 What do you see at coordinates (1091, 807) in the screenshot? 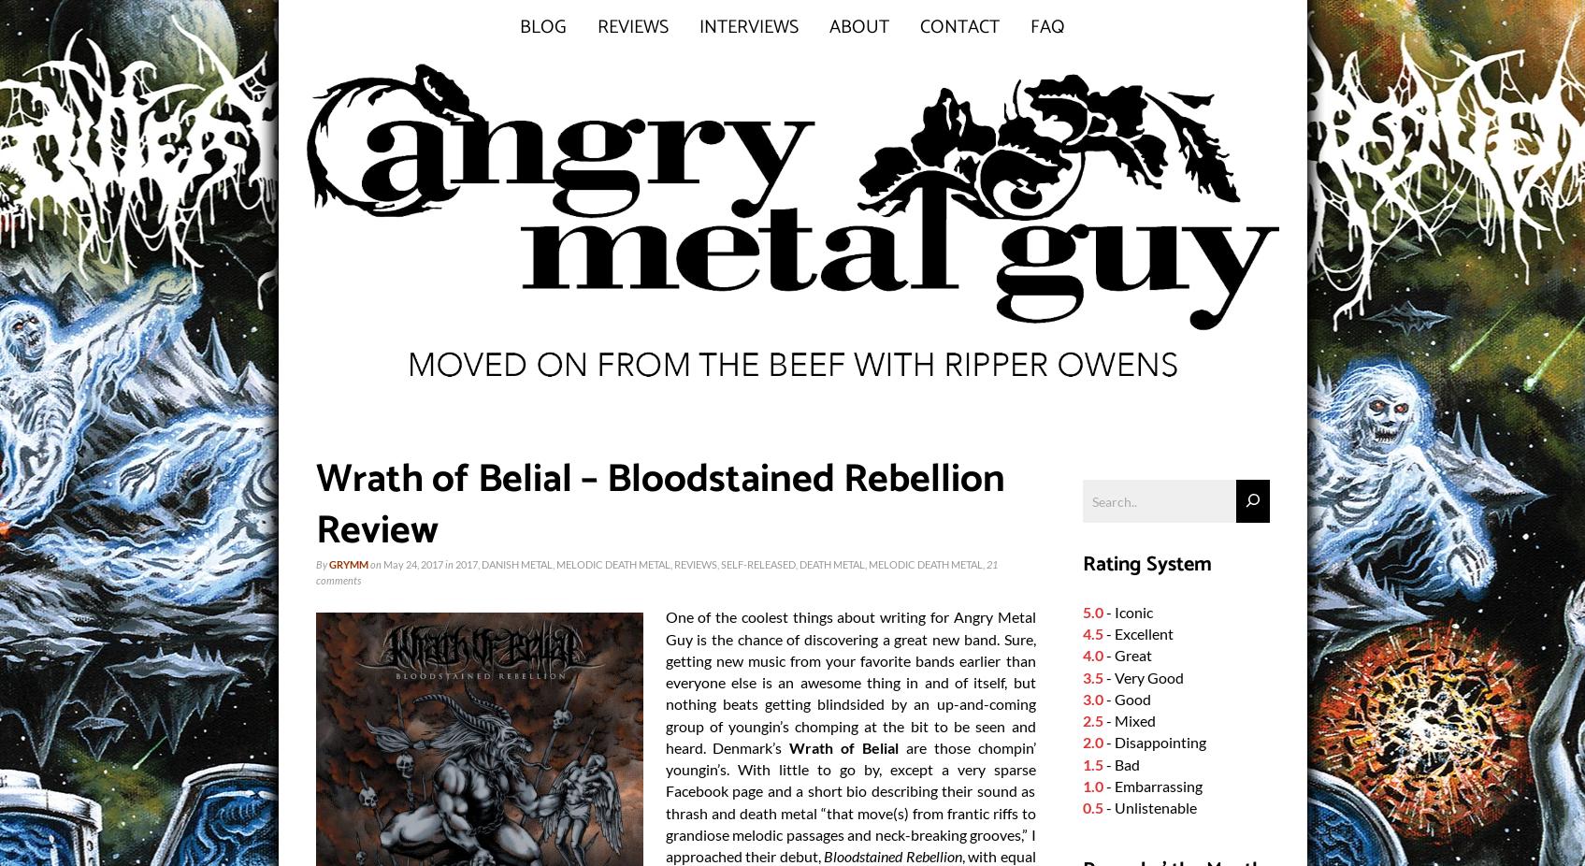
I see `'0.5'` at bounding box center [1091, 807].